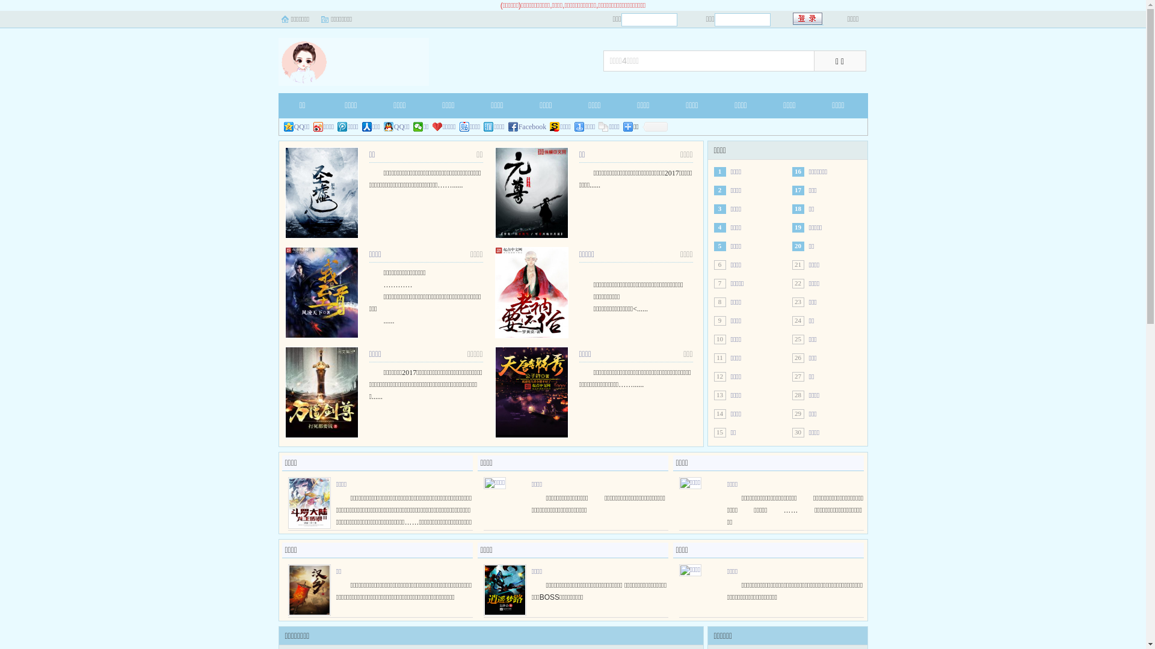 This screenshot has height=649, width=1155. I want to click on 'Facebook', so click(528, 127).